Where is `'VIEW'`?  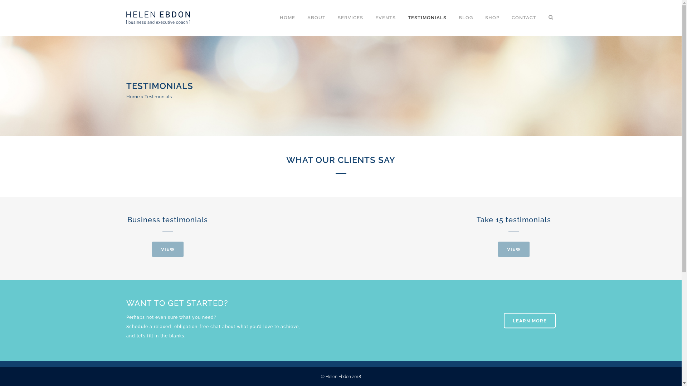 'VIEW' is located at coordinates (152, 249).